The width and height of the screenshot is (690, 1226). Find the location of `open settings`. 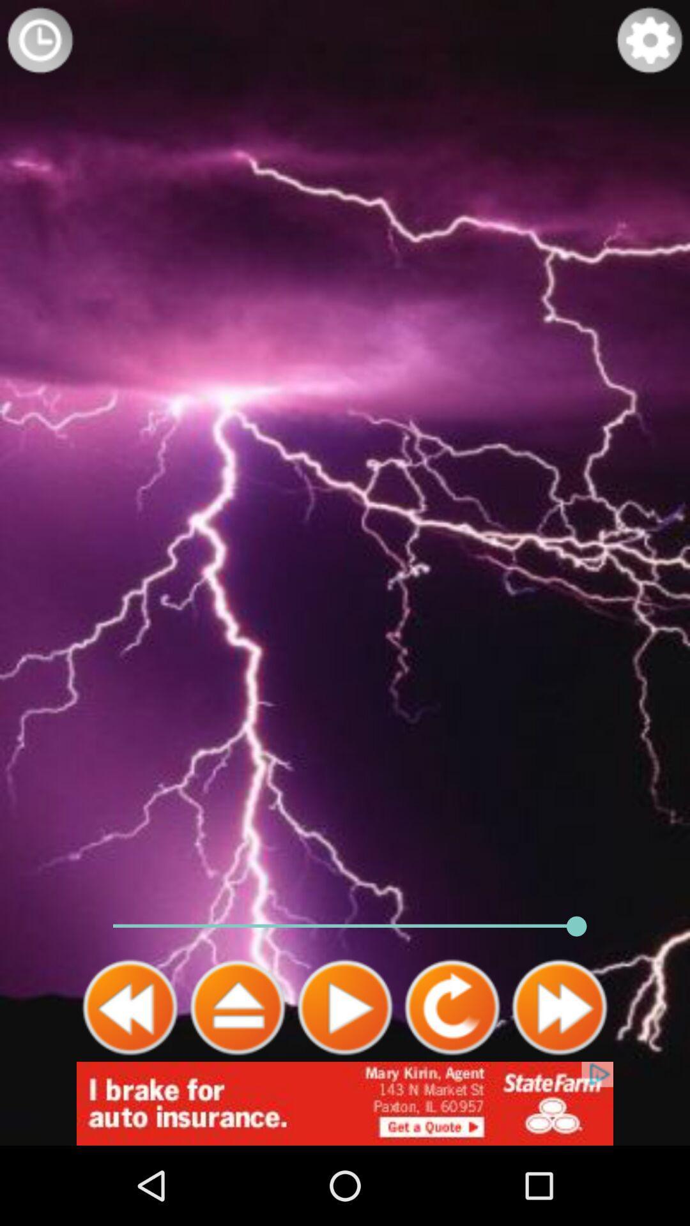

open settings is located at coordinates (650, 40).